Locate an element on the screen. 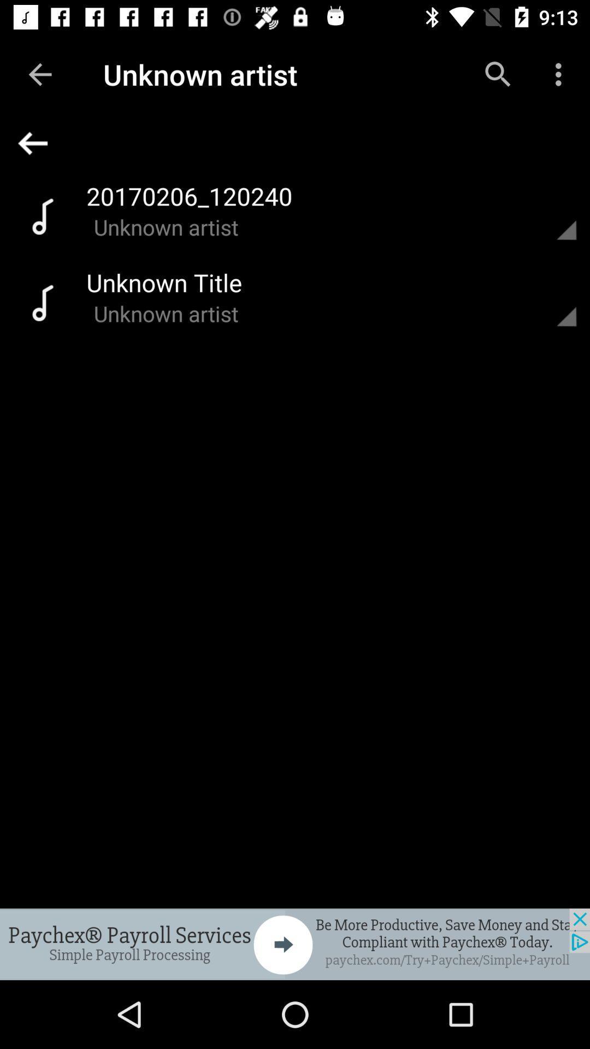  open for details is located at coordinates (553, 215).